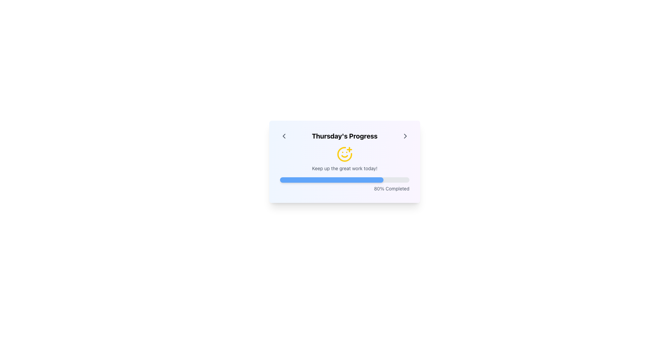 This screenshot has height=364, width=647. I want to click on the right-pointing chevron icon located at the extreme right of the top header section, so click(405, 136).